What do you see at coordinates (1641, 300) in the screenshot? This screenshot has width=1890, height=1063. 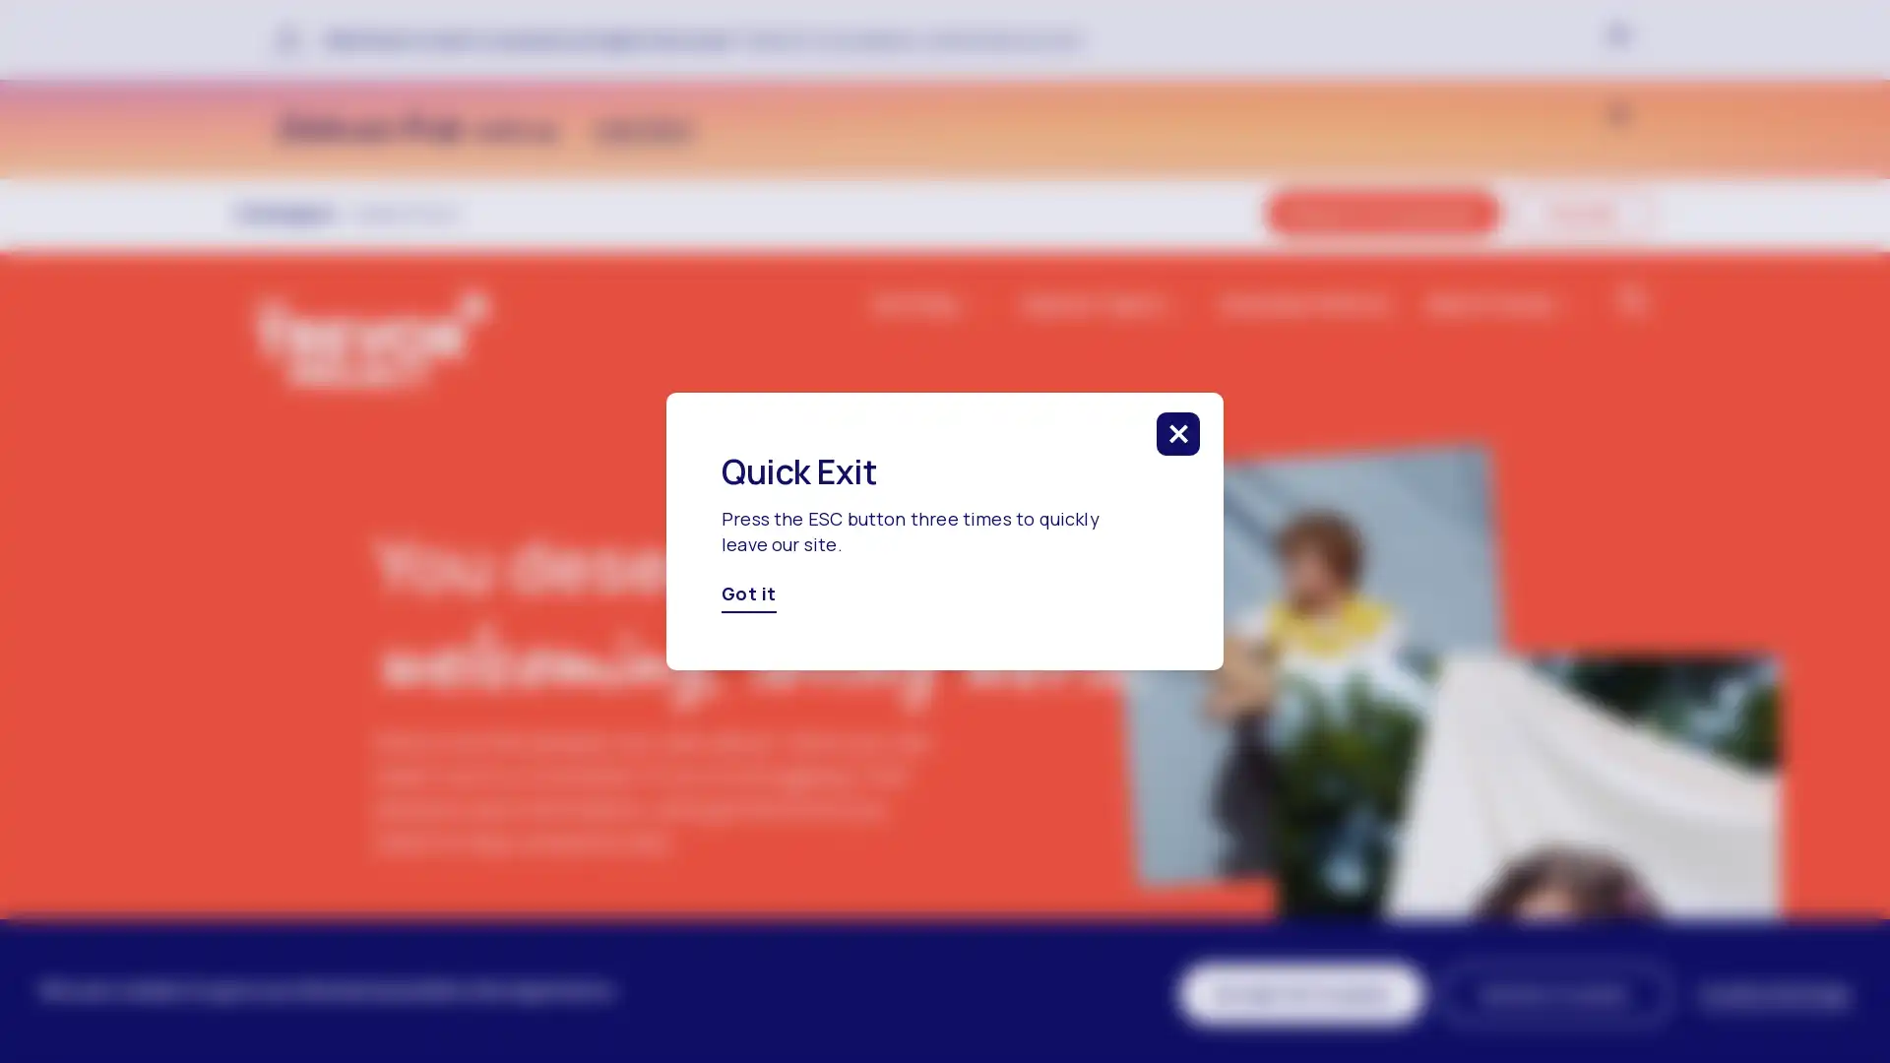 I see `click to search in the website` at bounding box center [1641, 300].